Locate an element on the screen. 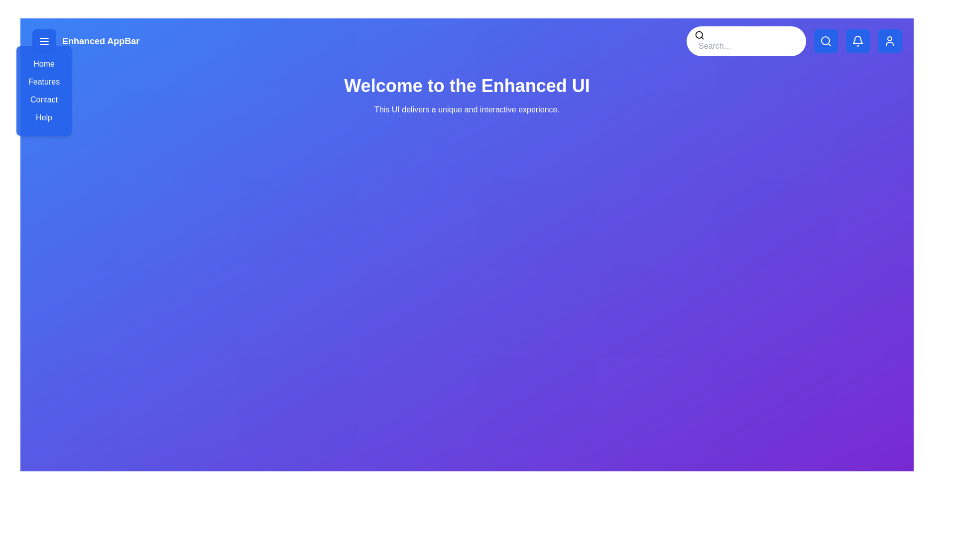  the main content text is located at coordinates (466, 95).